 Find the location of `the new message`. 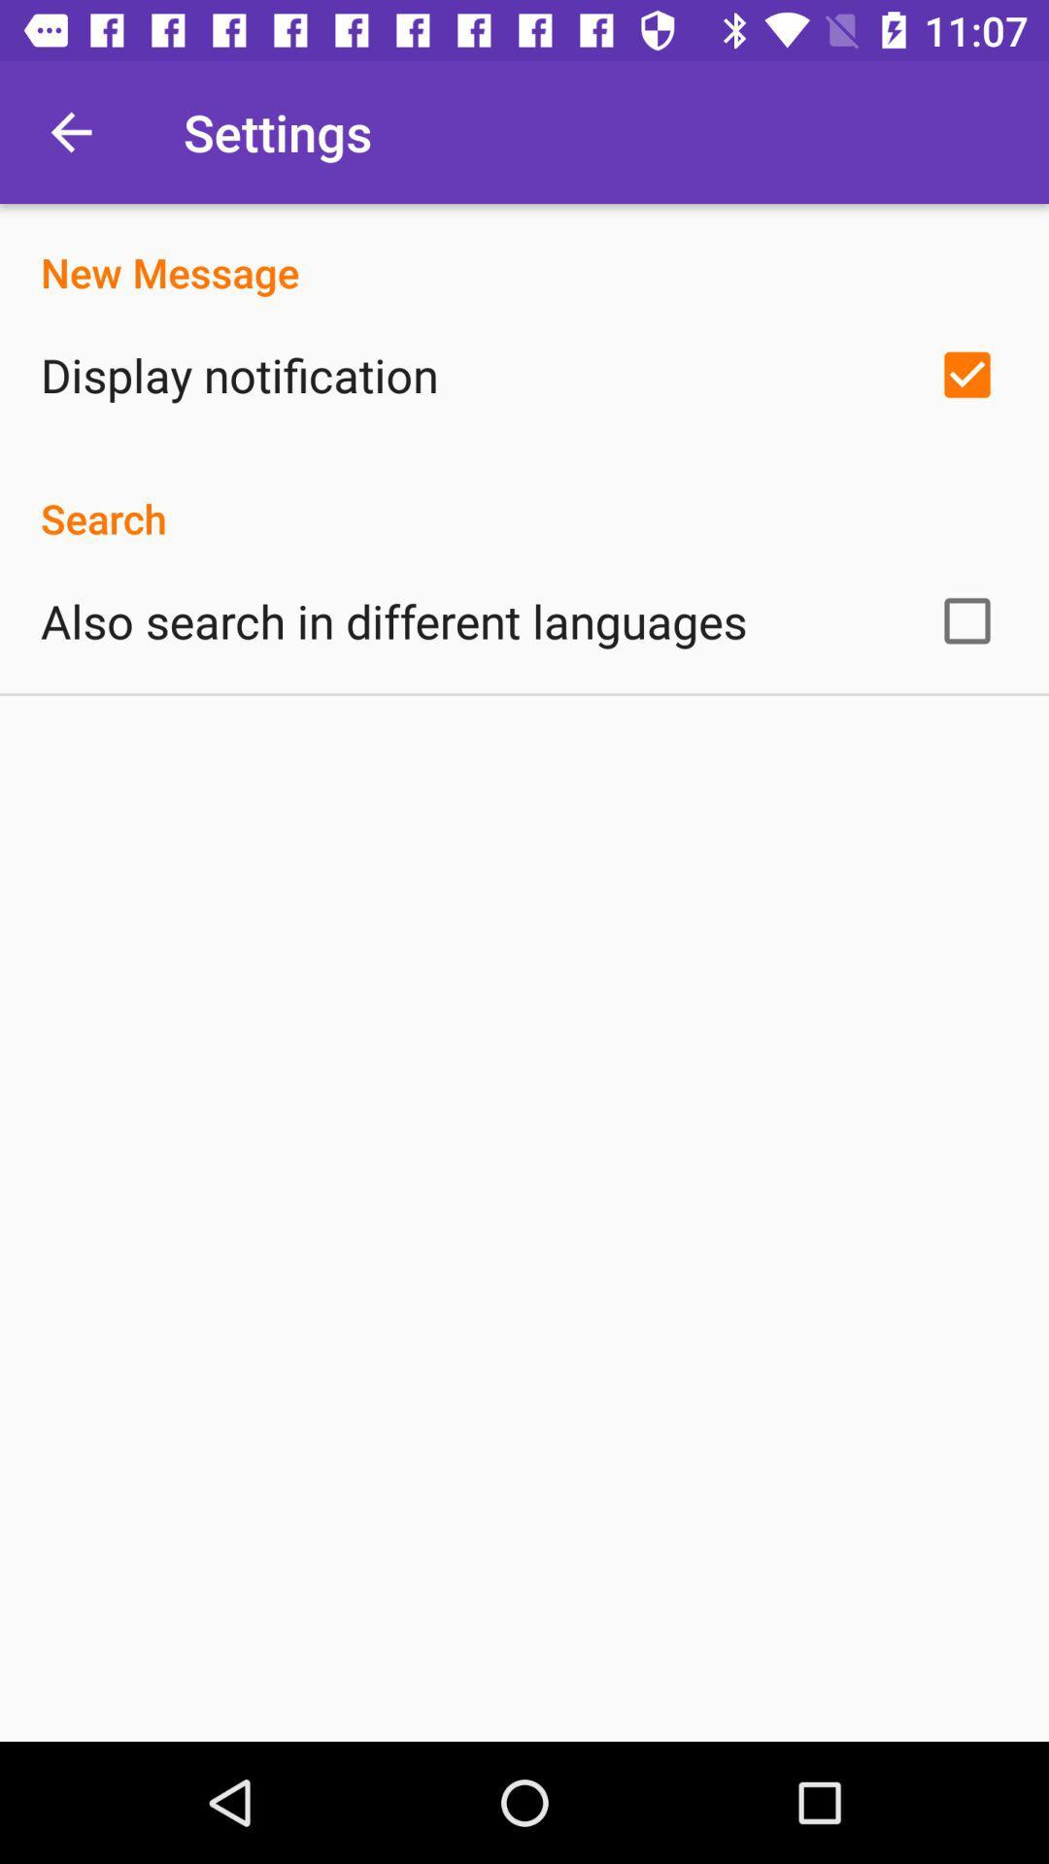

the new message is located at coordinates (524, 250).